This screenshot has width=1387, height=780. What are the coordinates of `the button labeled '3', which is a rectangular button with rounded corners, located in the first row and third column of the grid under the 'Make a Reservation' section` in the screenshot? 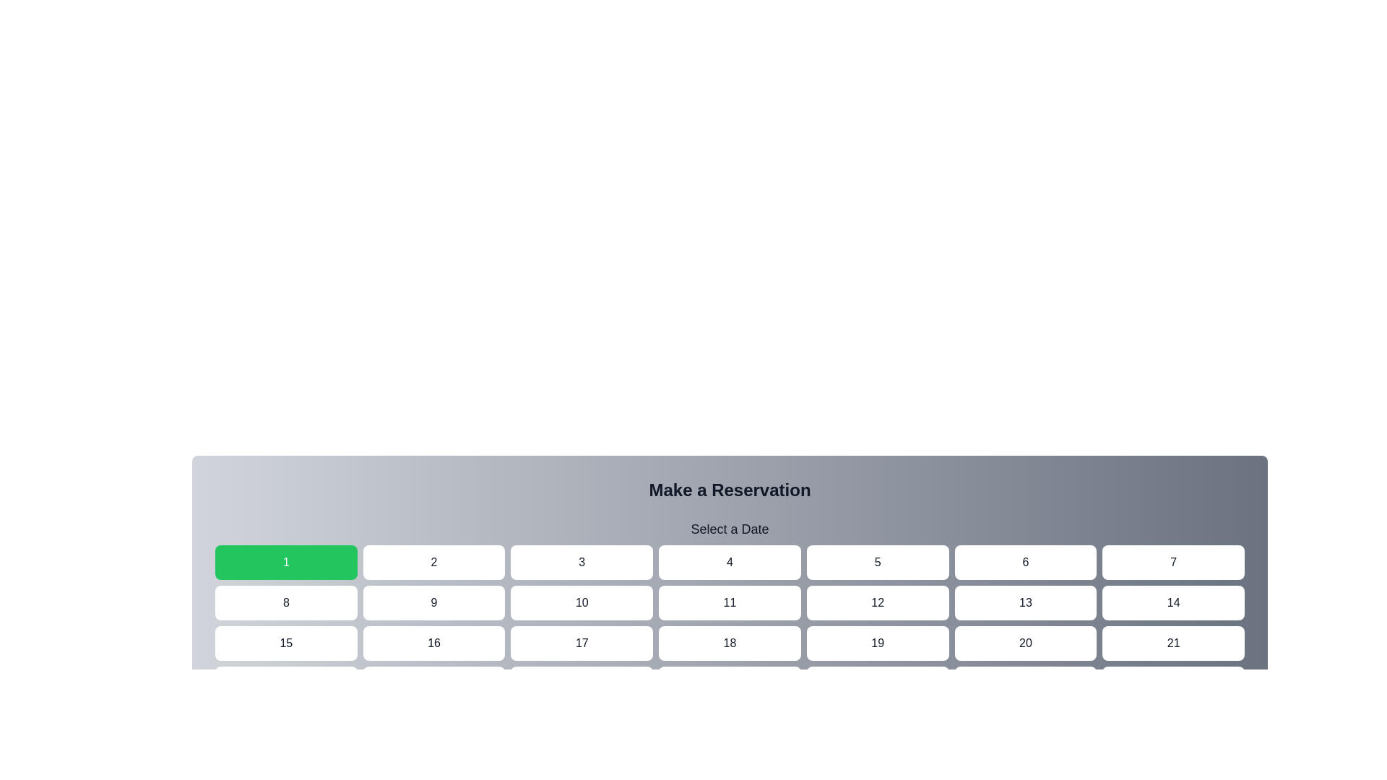 It's located at (582, 562).